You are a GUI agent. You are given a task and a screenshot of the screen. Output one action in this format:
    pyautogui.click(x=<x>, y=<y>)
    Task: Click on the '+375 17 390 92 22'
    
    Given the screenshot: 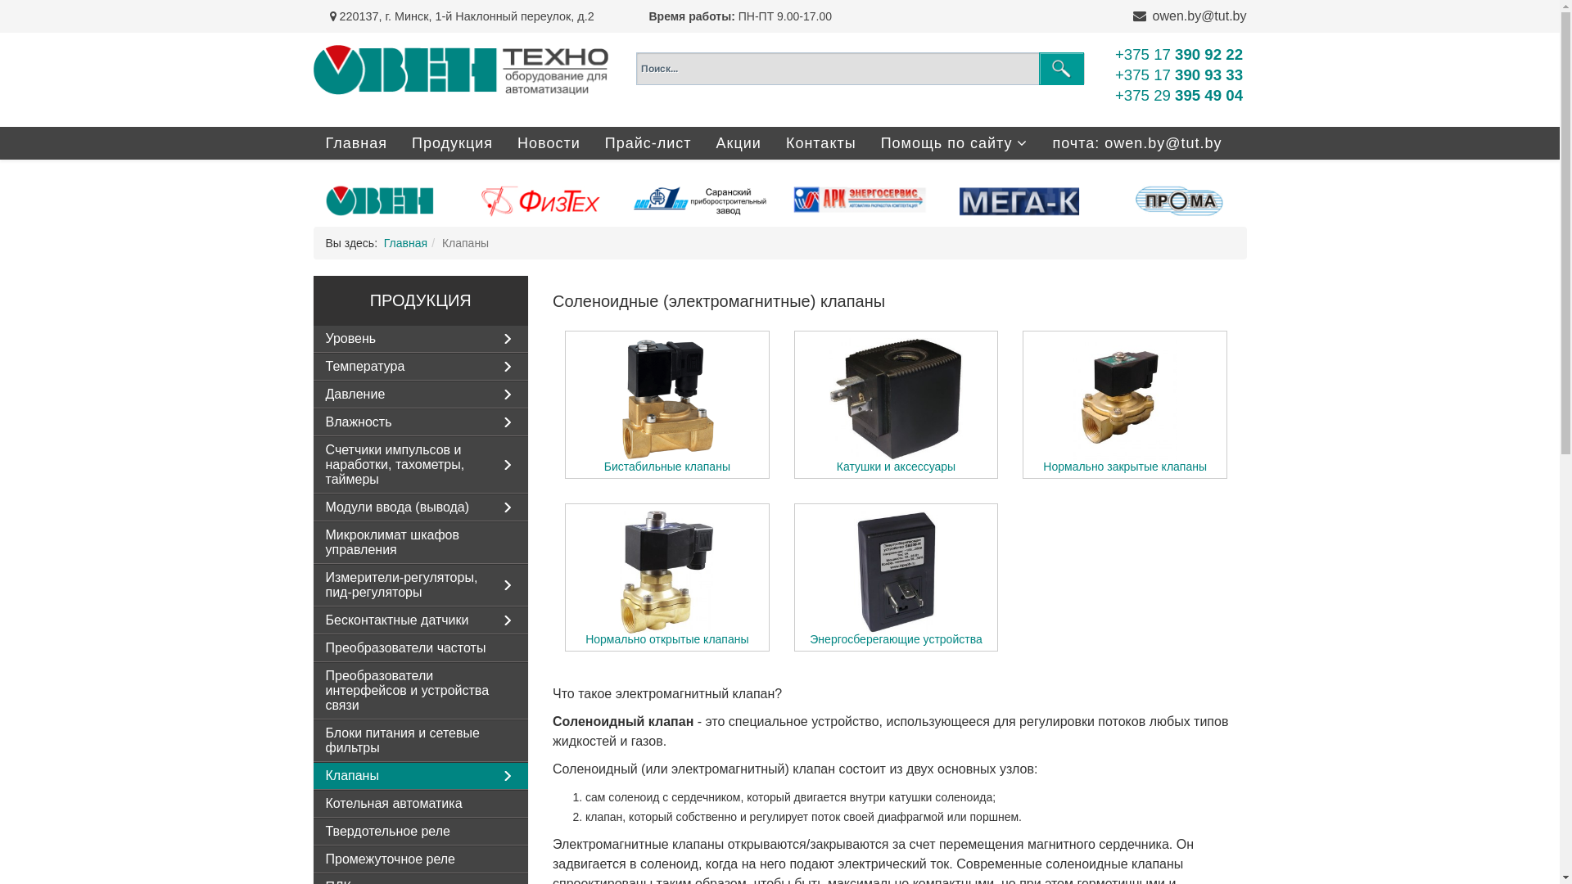 What is the action you would take?
    pyautogui.click(x=1179, y=53)
    